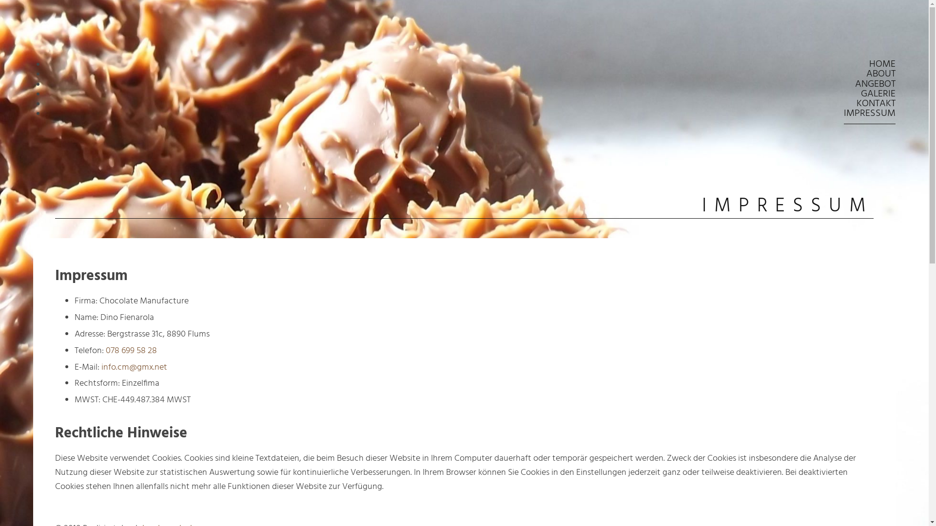 The height and width of the screenshot is (526, 936). What do you see at coordinates (870, 113) in the screenshot?
I see `'IMPRESSUM'` at bounding box center [870, 113].